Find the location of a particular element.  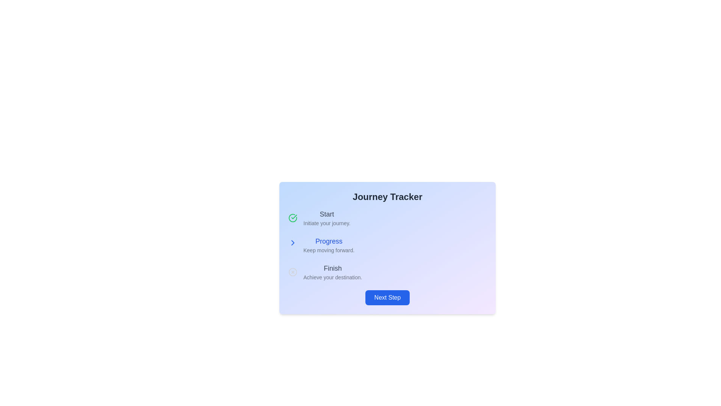

text label that displays 'Start' in a larger, bold font and 'Initiate your journey.' in a smaller, gray font, located at the top-left section of the 'Journey Tracker' card, right next to a green circle check icon is located at coordinates (327, 218).